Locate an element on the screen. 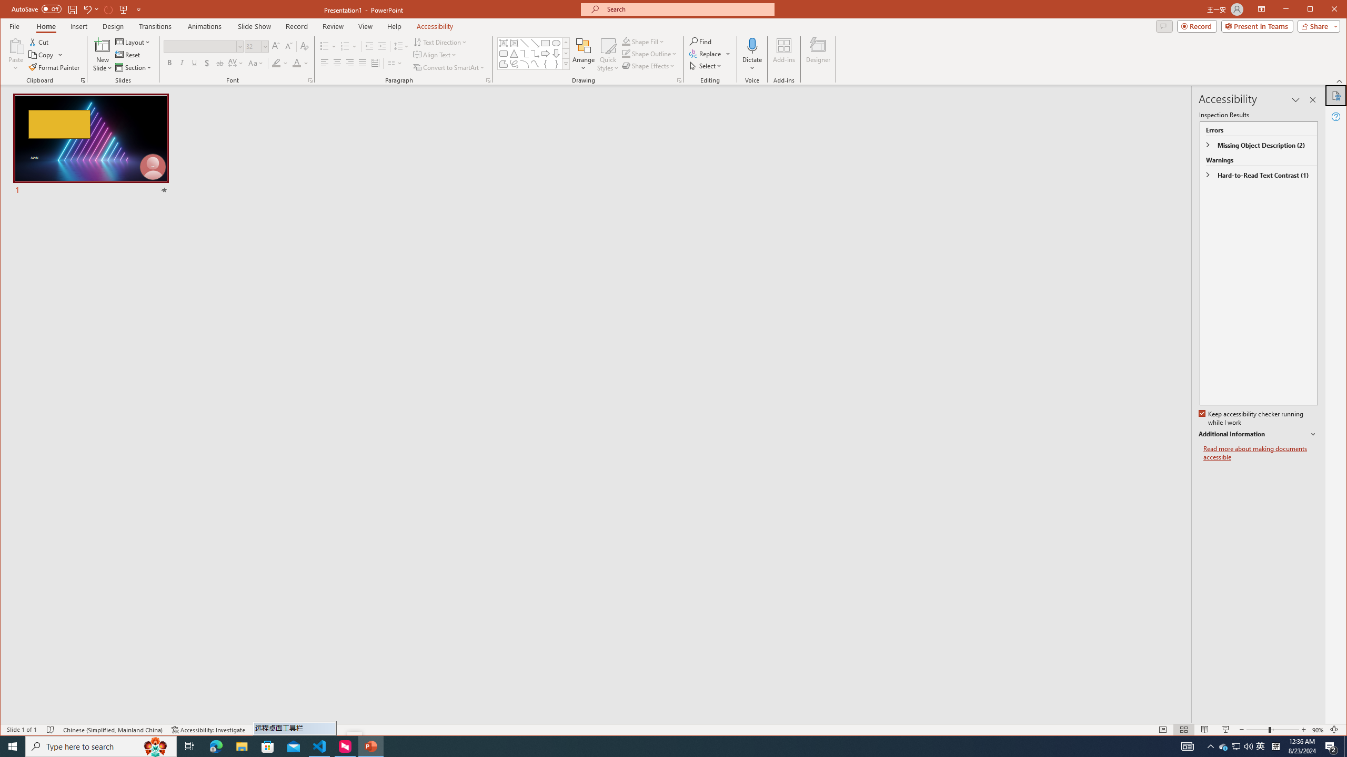  'Tray Input Indicator - Chinese (Simplified, China)' is located at coordinates (1275, 745).